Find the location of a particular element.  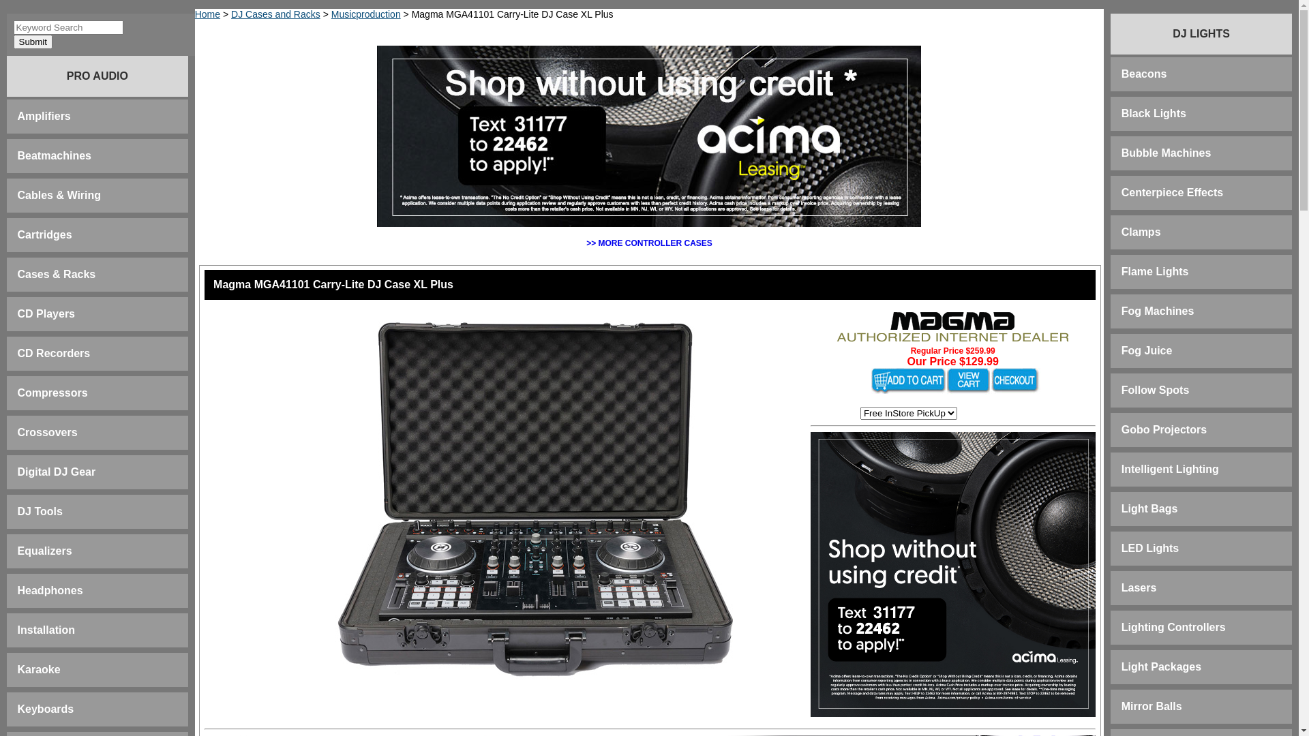

'Follow Spots' is located at coordinates (1154, 390).